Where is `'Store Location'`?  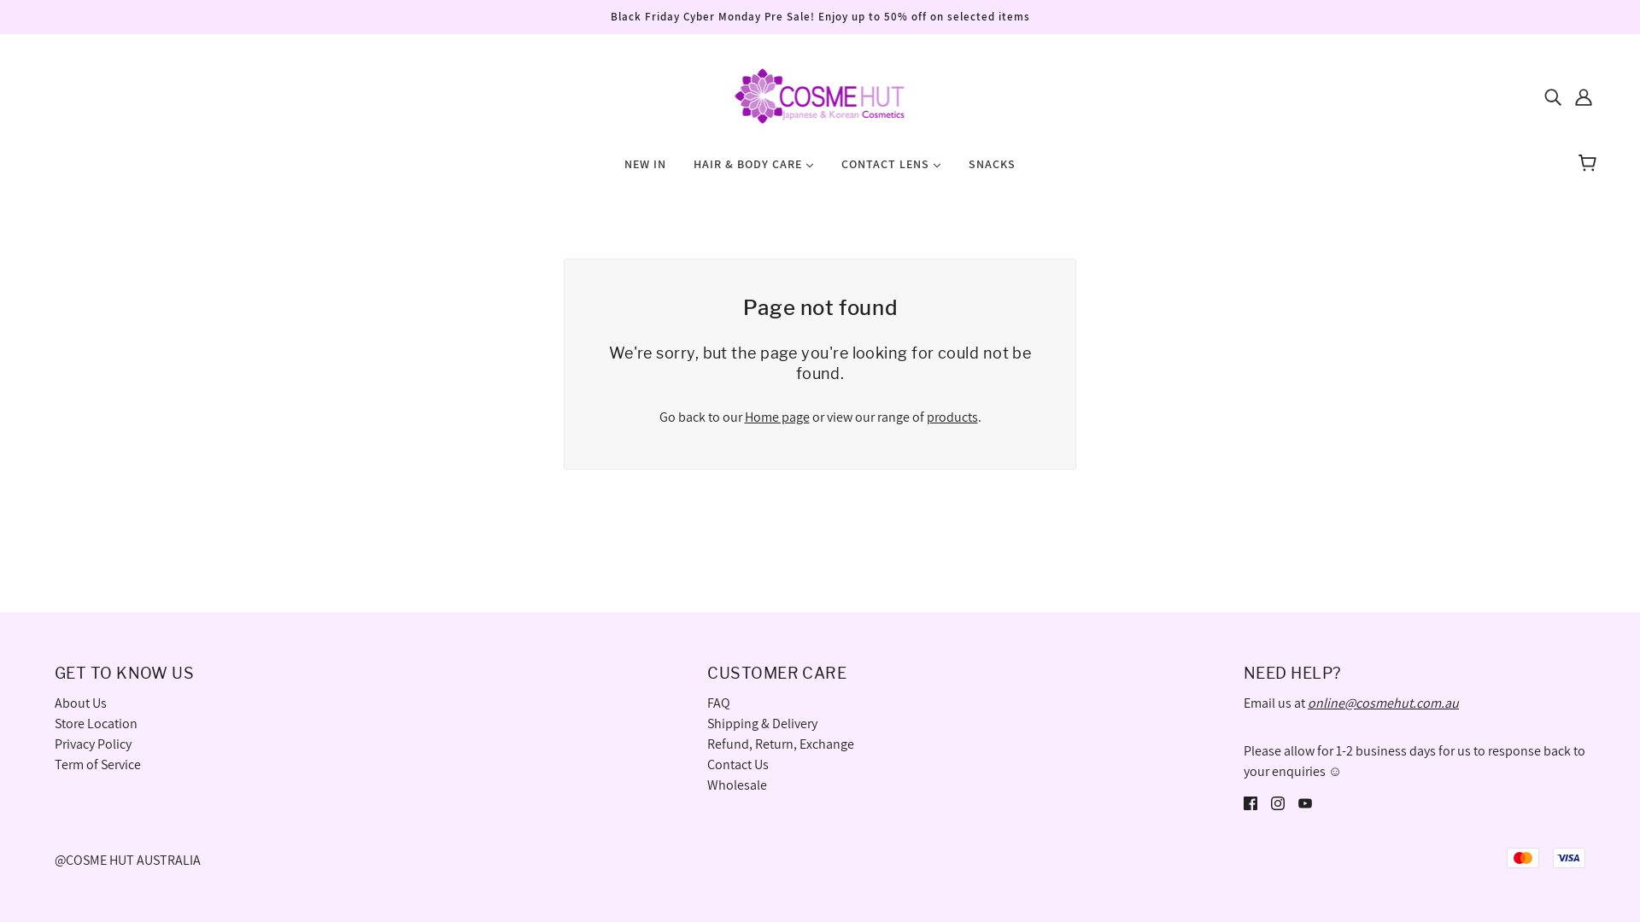
'Store Location' is located at coordinates (95, 723).